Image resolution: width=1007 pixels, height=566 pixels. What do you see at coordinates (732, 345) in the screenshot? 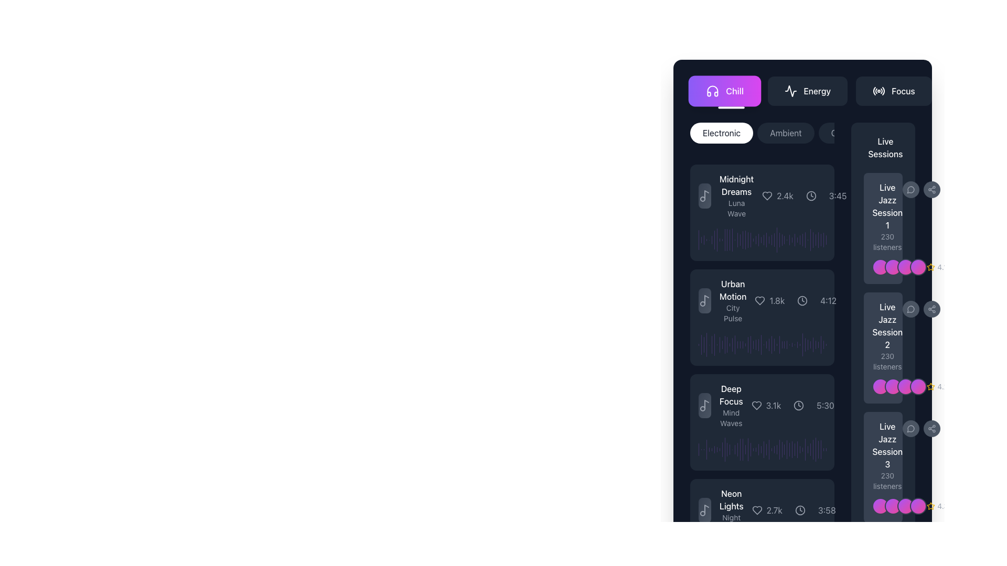
I see `the 14th vertical bar in the row of similar bars, which represents a portion of data in a visual representation` at bounding box center [732, 345].